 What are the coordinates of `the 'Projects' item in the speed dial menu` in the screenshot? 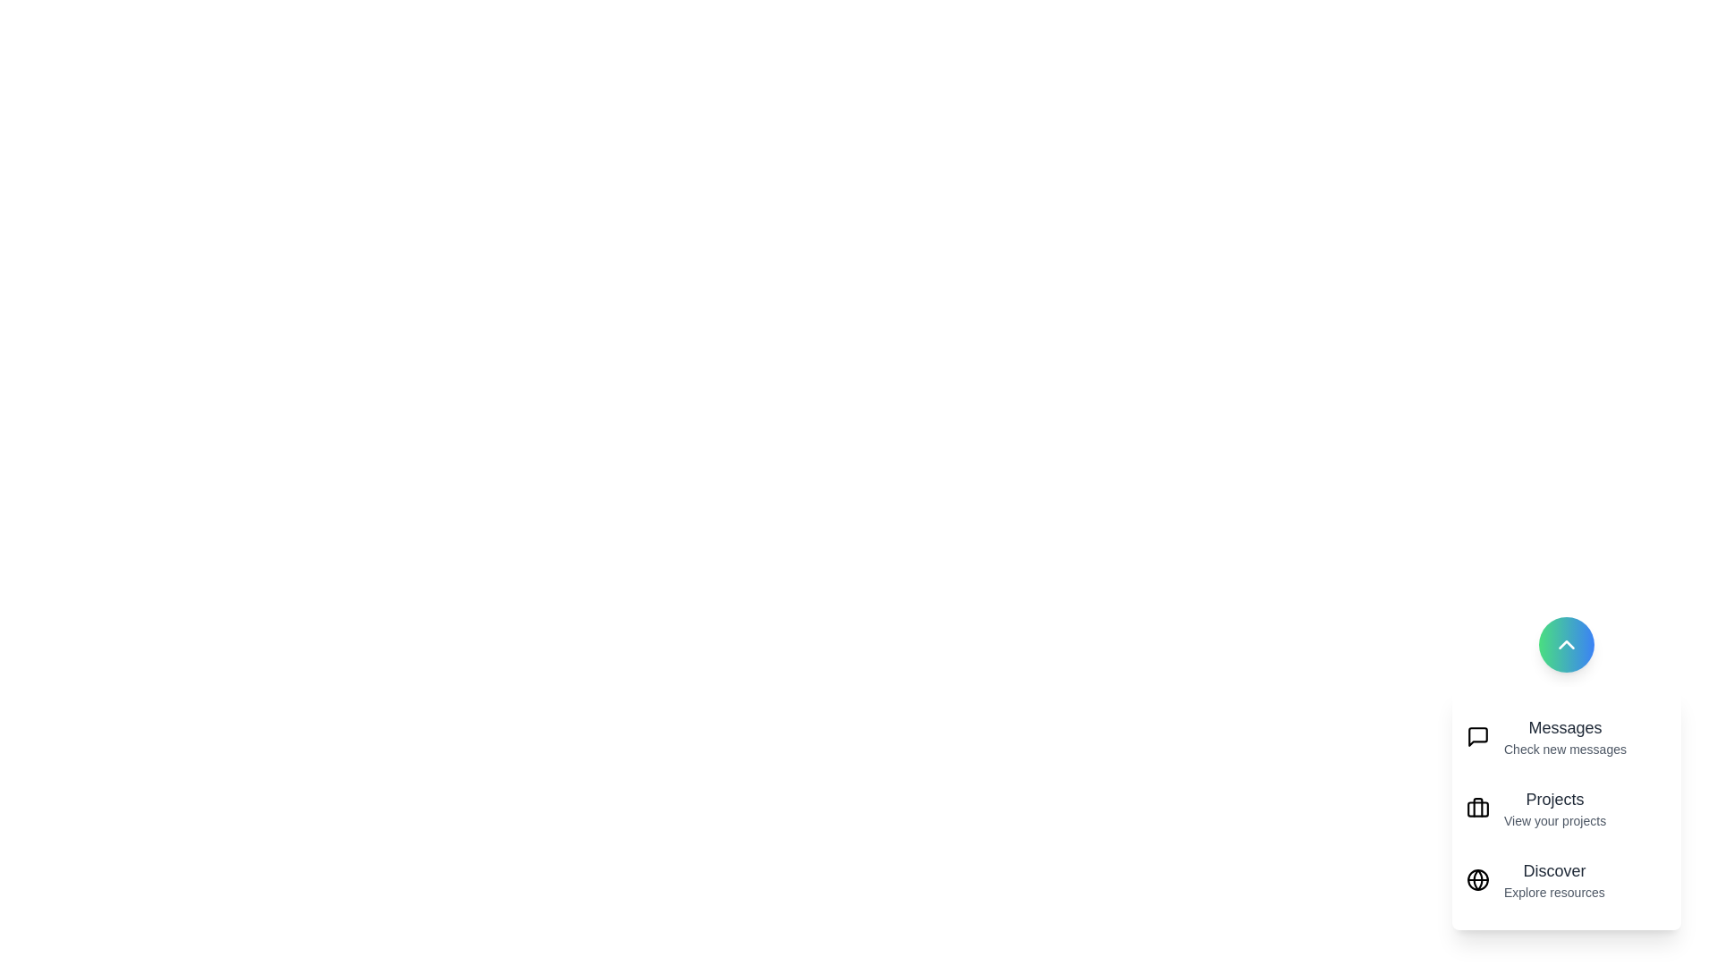 It's located at (1566, 808).